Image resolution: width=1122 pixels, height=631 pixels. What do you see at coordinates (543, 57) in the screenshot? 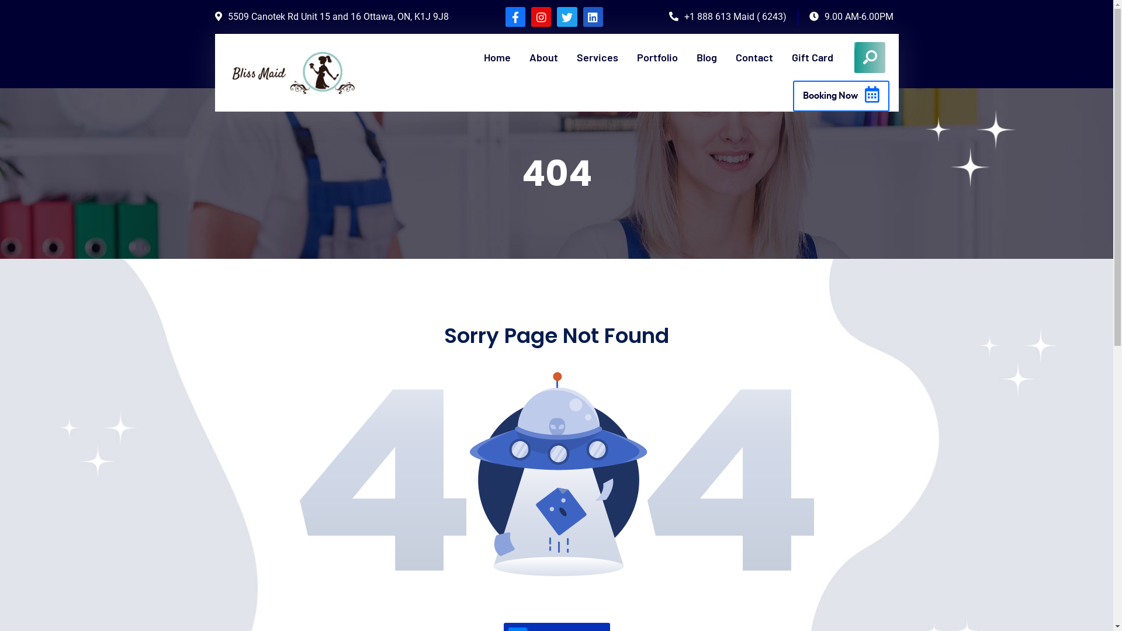
I see `'About'` at bounding box center [543, 57].